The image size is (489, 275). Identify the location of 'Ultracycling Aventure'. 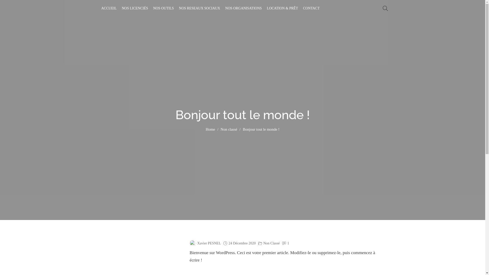
(128, 12).